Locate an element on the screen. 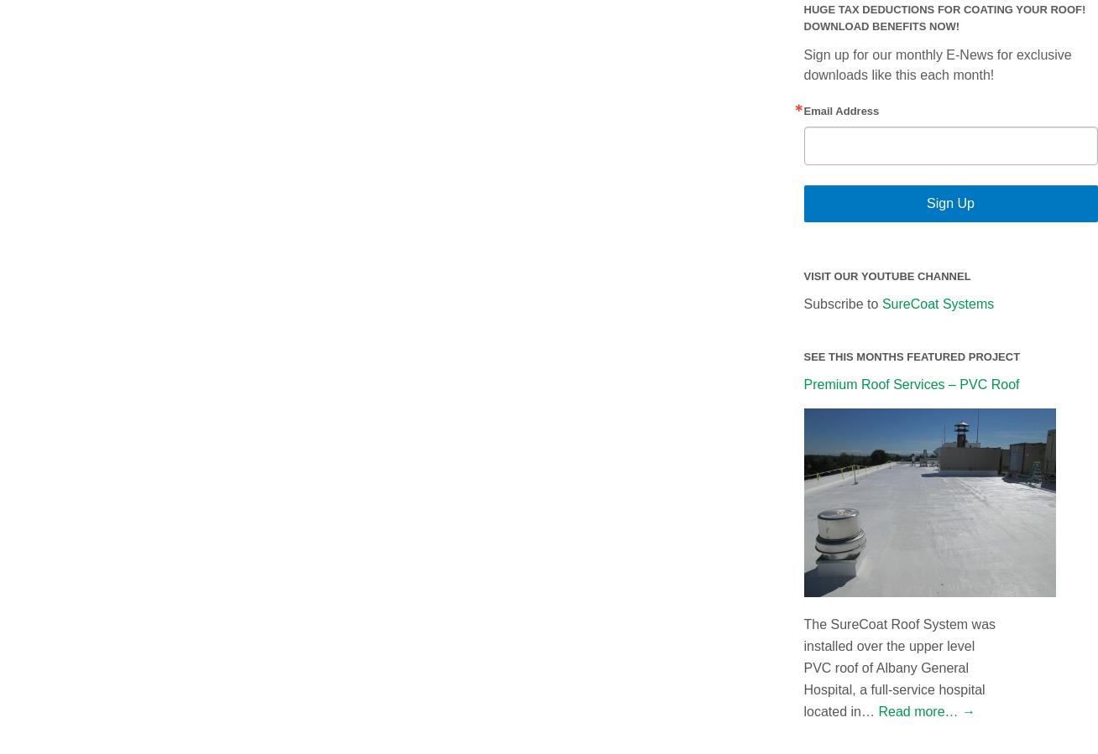 The width and height of the screenshot is (1098, 754). 'Premium Roof Services – PVC Roof' is located at coordinates (910, 383).